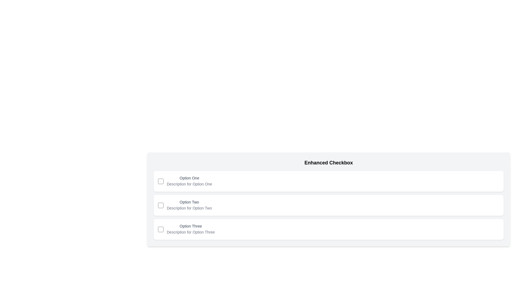  Describe the element at coordinates (191, 226) in the screenshot. I see `text label that displays 'Option Three', which is styled in gray and located in the third option grouping of the checkbox list` at that location.